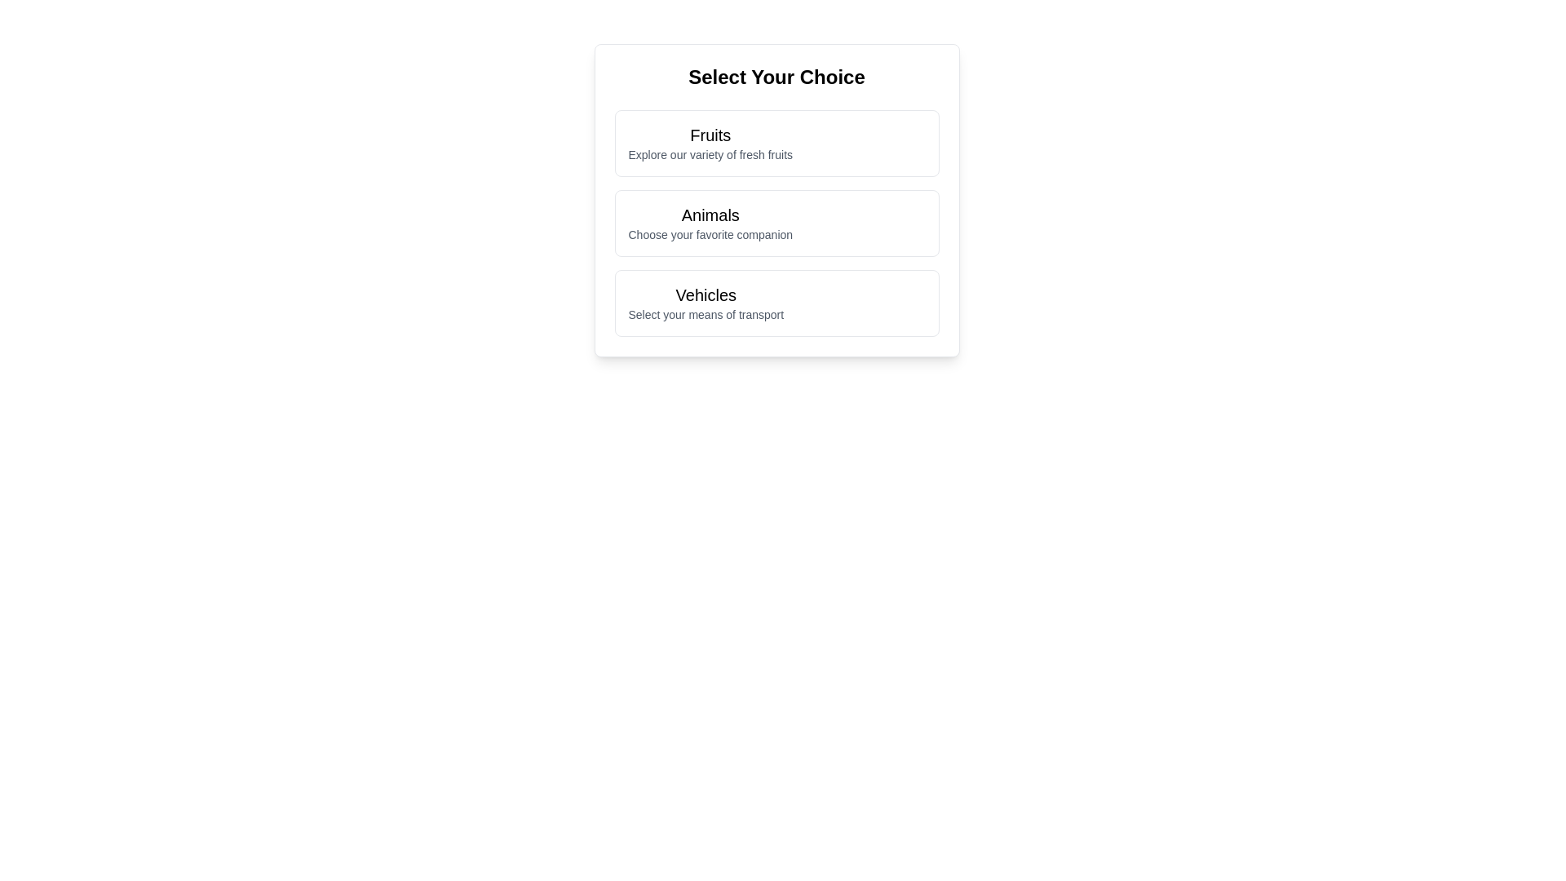 The height and width of the screenshot is (881, 1566). Describe the element at coordinates (776, 303) in the screenshot. I see `the 'Vehicles' clickable option located at the bottom of the selection card list` at that location.